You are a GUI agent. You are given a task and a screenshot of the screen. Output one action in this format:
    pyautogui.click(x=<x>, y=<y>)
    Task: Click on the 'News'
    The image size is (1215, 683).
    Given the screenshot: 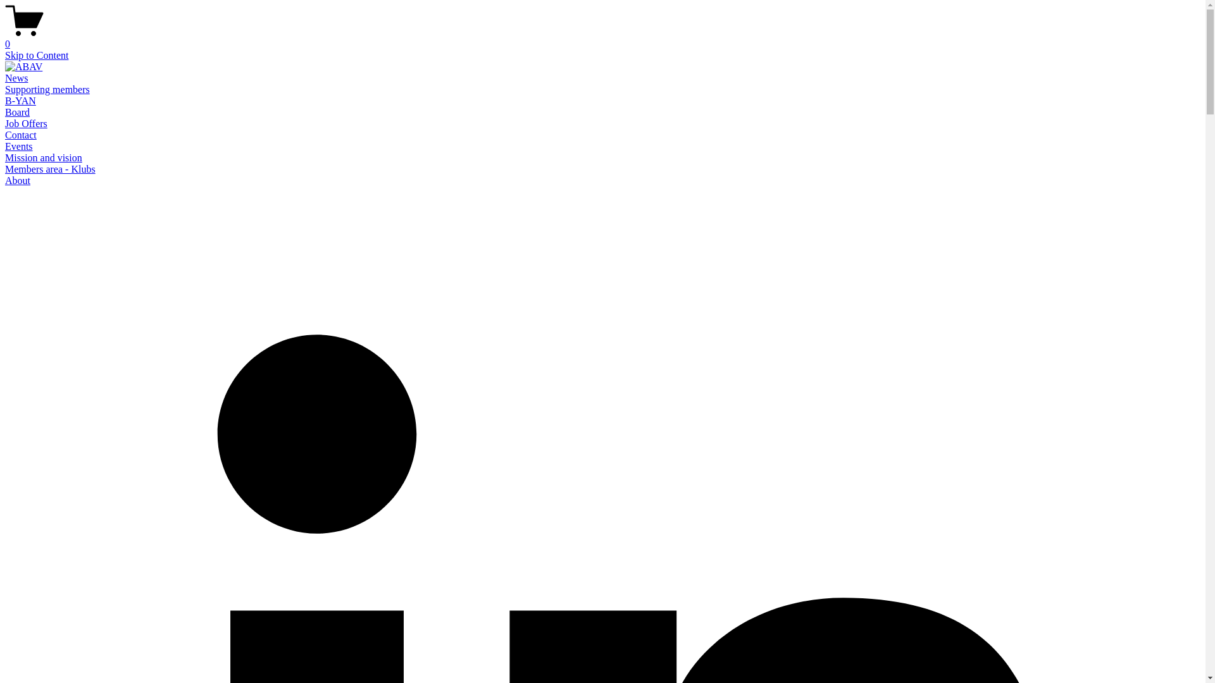 What is the action you would take?
    pyautogui.click(x=5, y=78)
    